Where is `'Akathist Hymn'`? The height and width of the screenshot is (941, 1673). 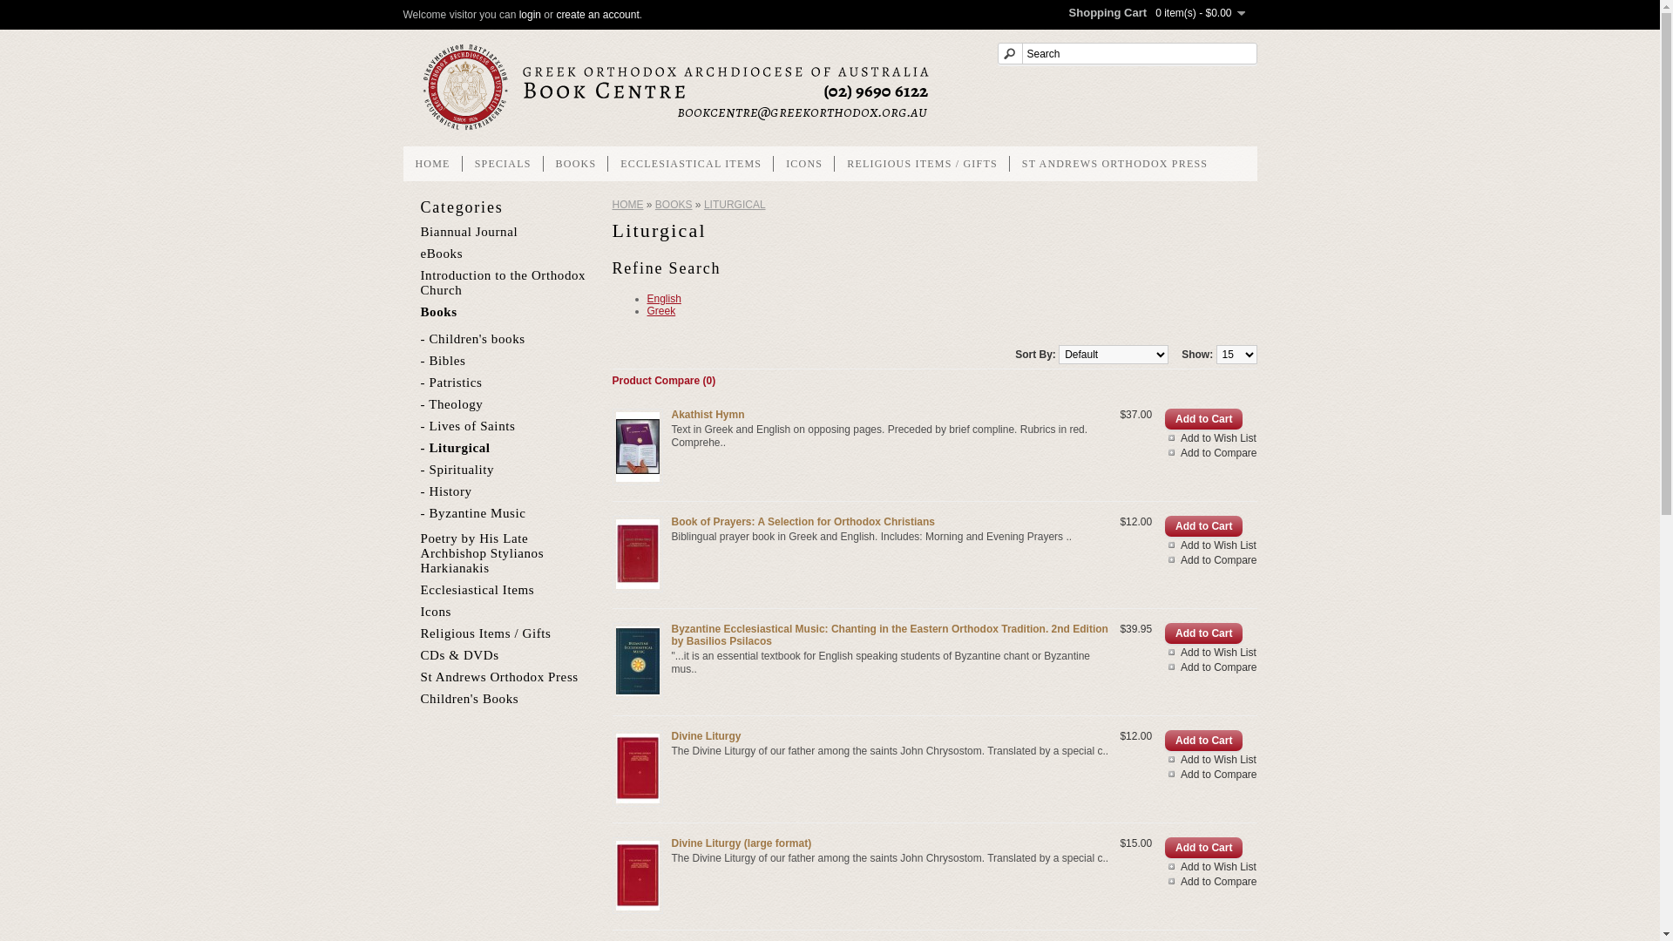 'Akathist Hymn' is located at coordinates (707, 414).